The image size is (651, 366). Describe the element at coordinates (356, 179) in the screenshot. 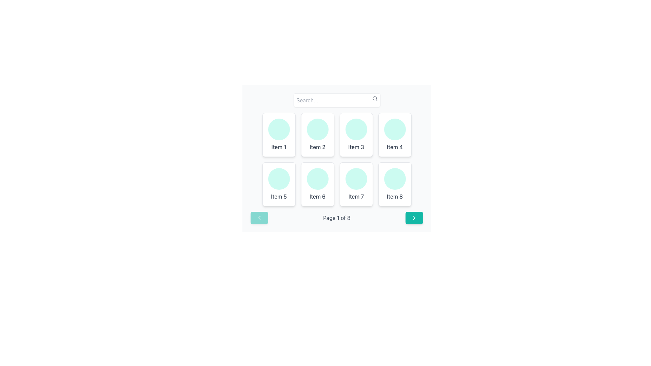

I see `the circular decorative graphic with a teal background located in the second row, third column of the grid layout within the 'Item 7' card` at that location.